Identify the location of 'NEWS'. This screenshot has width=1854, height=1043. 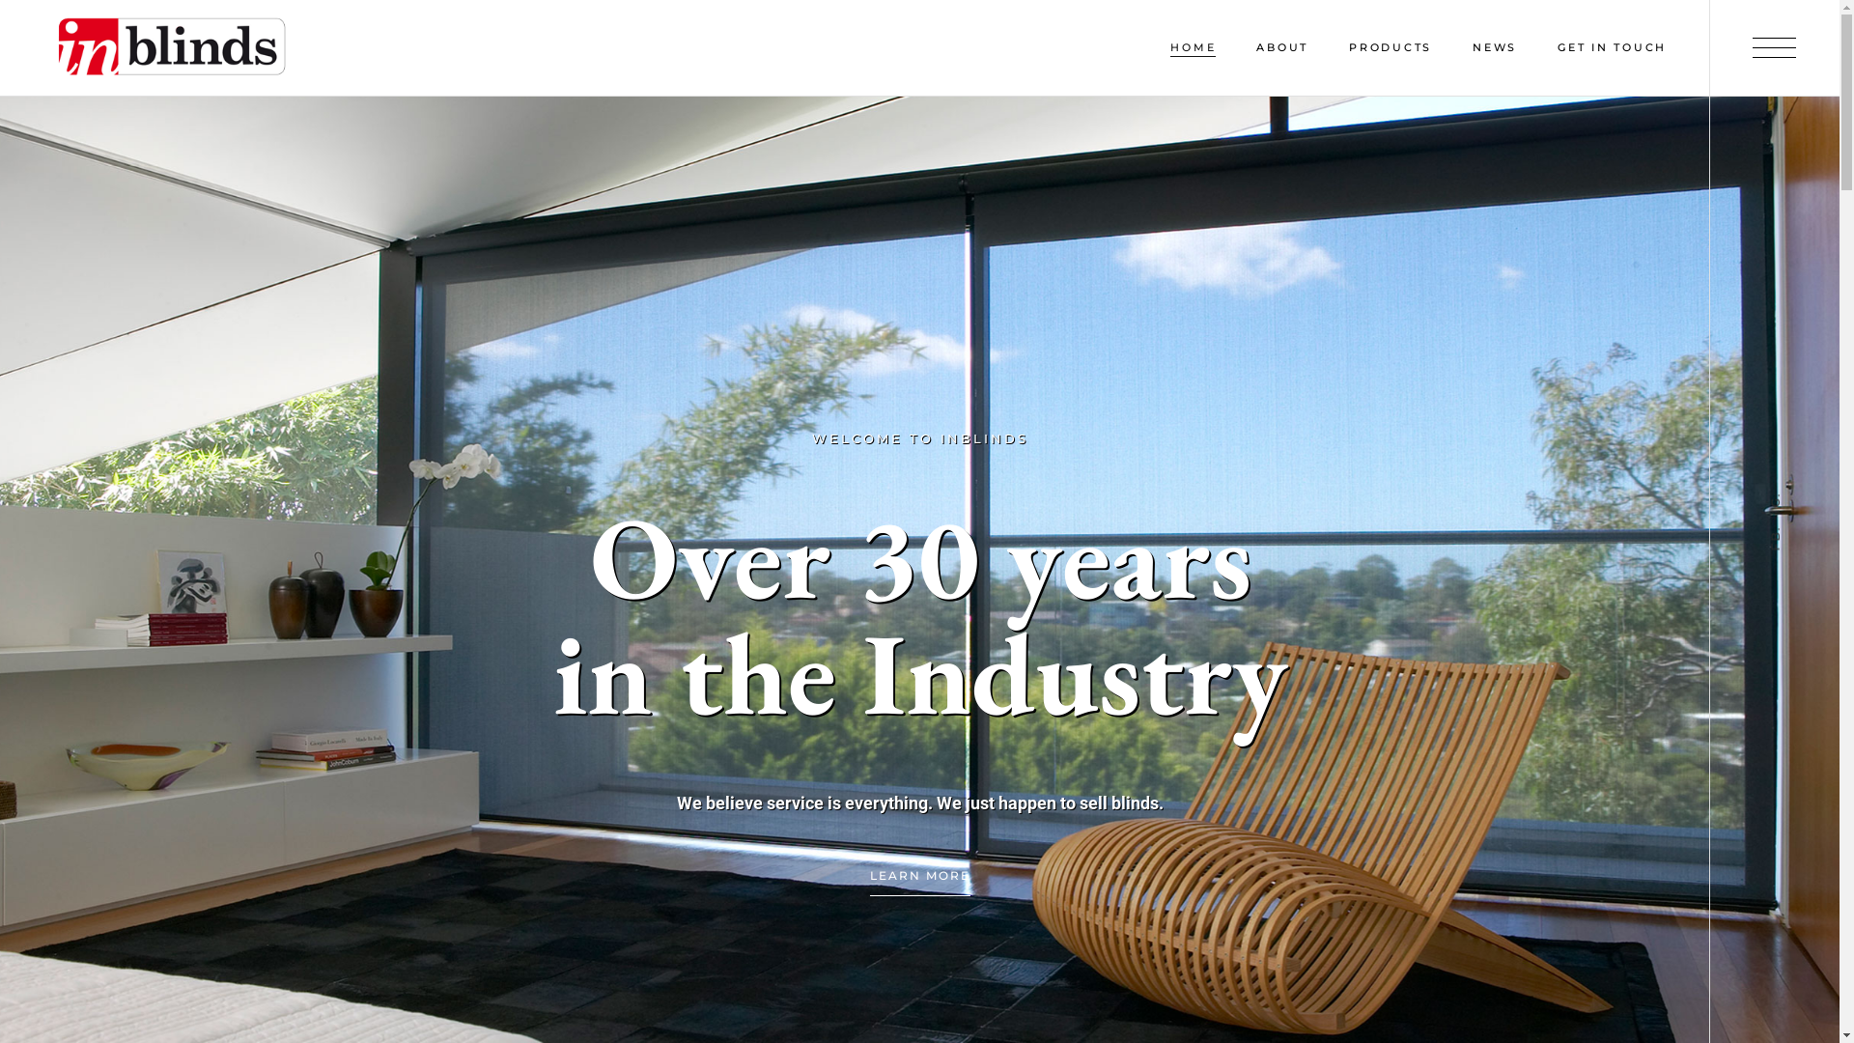
(1494, 46).